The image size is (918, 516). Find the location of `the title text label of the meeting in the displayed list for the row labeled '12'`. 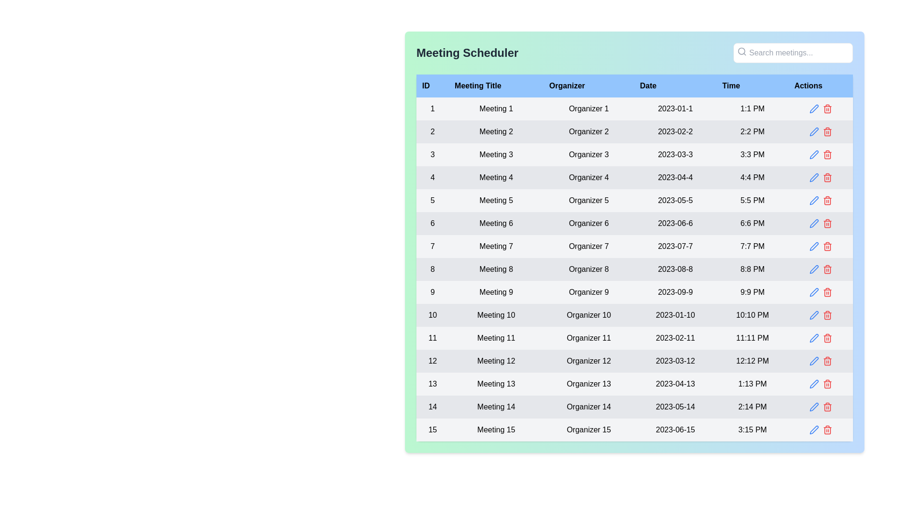

the title text label of the meeting in the displayed list for the row labeled '12' is located at coordinates (496, 361).